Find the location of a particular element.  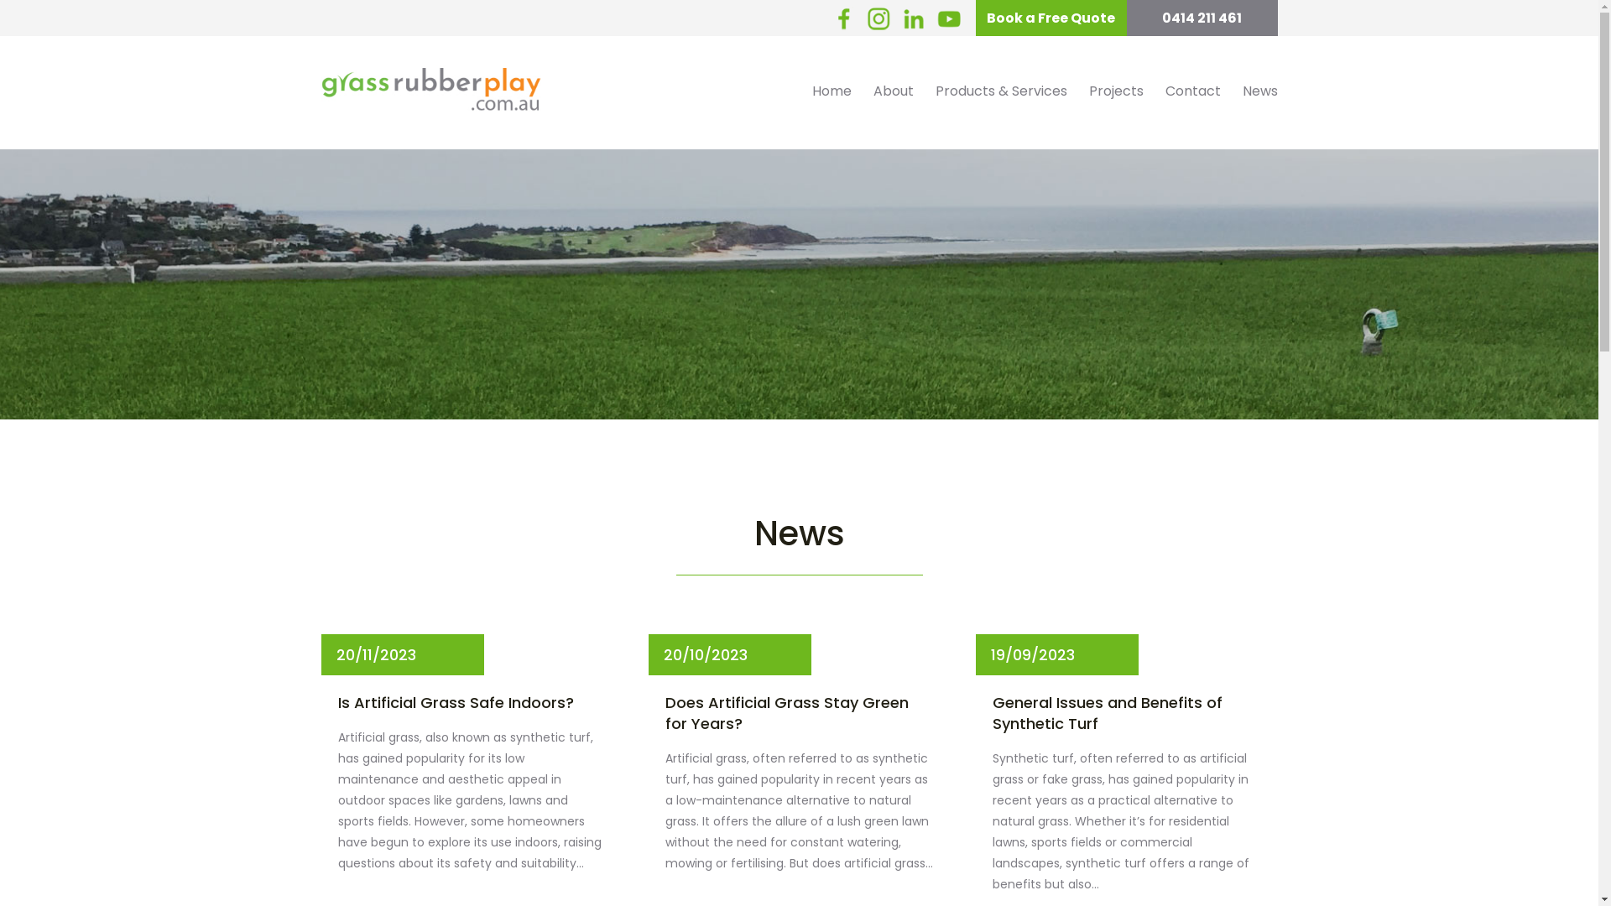

'Home' is located at coordinates (831, 91).